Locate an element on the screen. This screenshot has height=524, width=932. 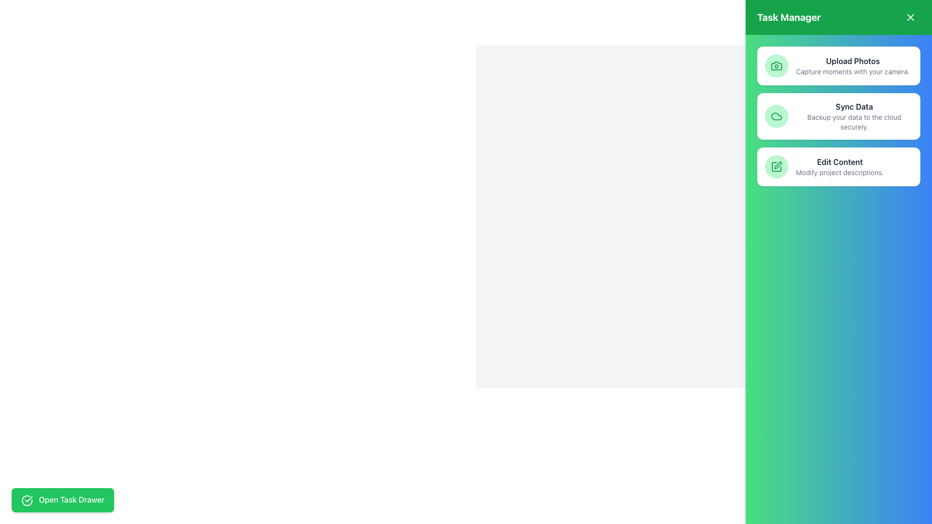
the circular green icon with a cloud outline located to the left of the 'Sync Data' text is located at coordinates (776, 115).